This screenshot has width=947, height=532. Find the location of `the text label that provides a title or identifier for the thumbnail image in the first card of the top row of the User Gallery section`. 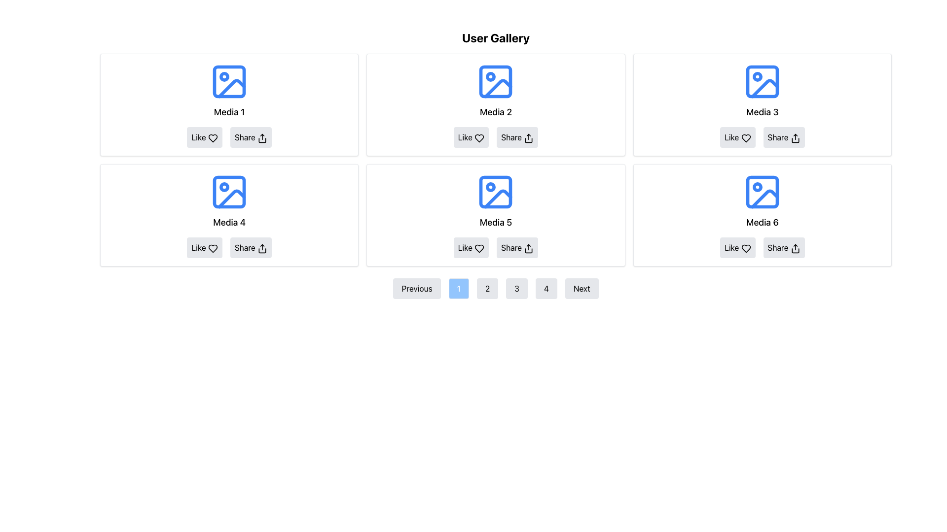

the text label that provides a title or identifier for the thumbnail image in the first card of the top row of the User Gallery section is located at coordinates (229, 111).